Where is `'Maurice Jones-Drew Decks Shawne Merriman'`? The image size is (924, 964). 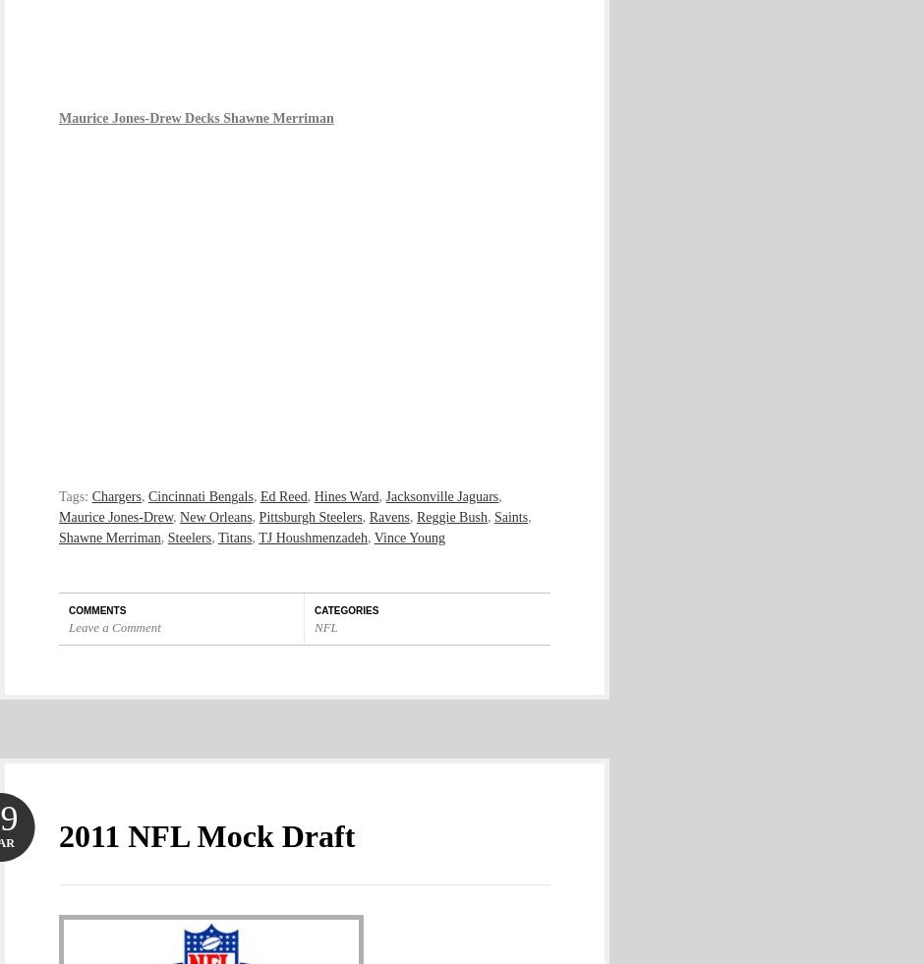
'Maurice Jones-Drew Decks Shawne Merriman' is located at coordinates (195, 116).